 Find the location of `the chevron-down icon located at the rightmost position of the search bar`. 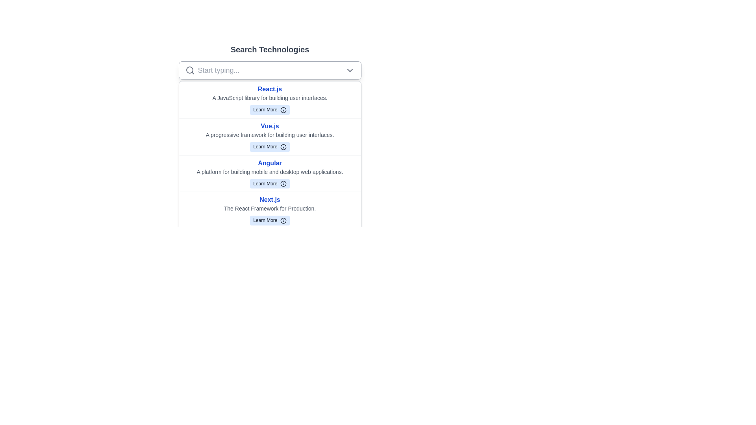

the chevron-down icon located at the rightmost position of the search bar is located at coordinates (349, 70).